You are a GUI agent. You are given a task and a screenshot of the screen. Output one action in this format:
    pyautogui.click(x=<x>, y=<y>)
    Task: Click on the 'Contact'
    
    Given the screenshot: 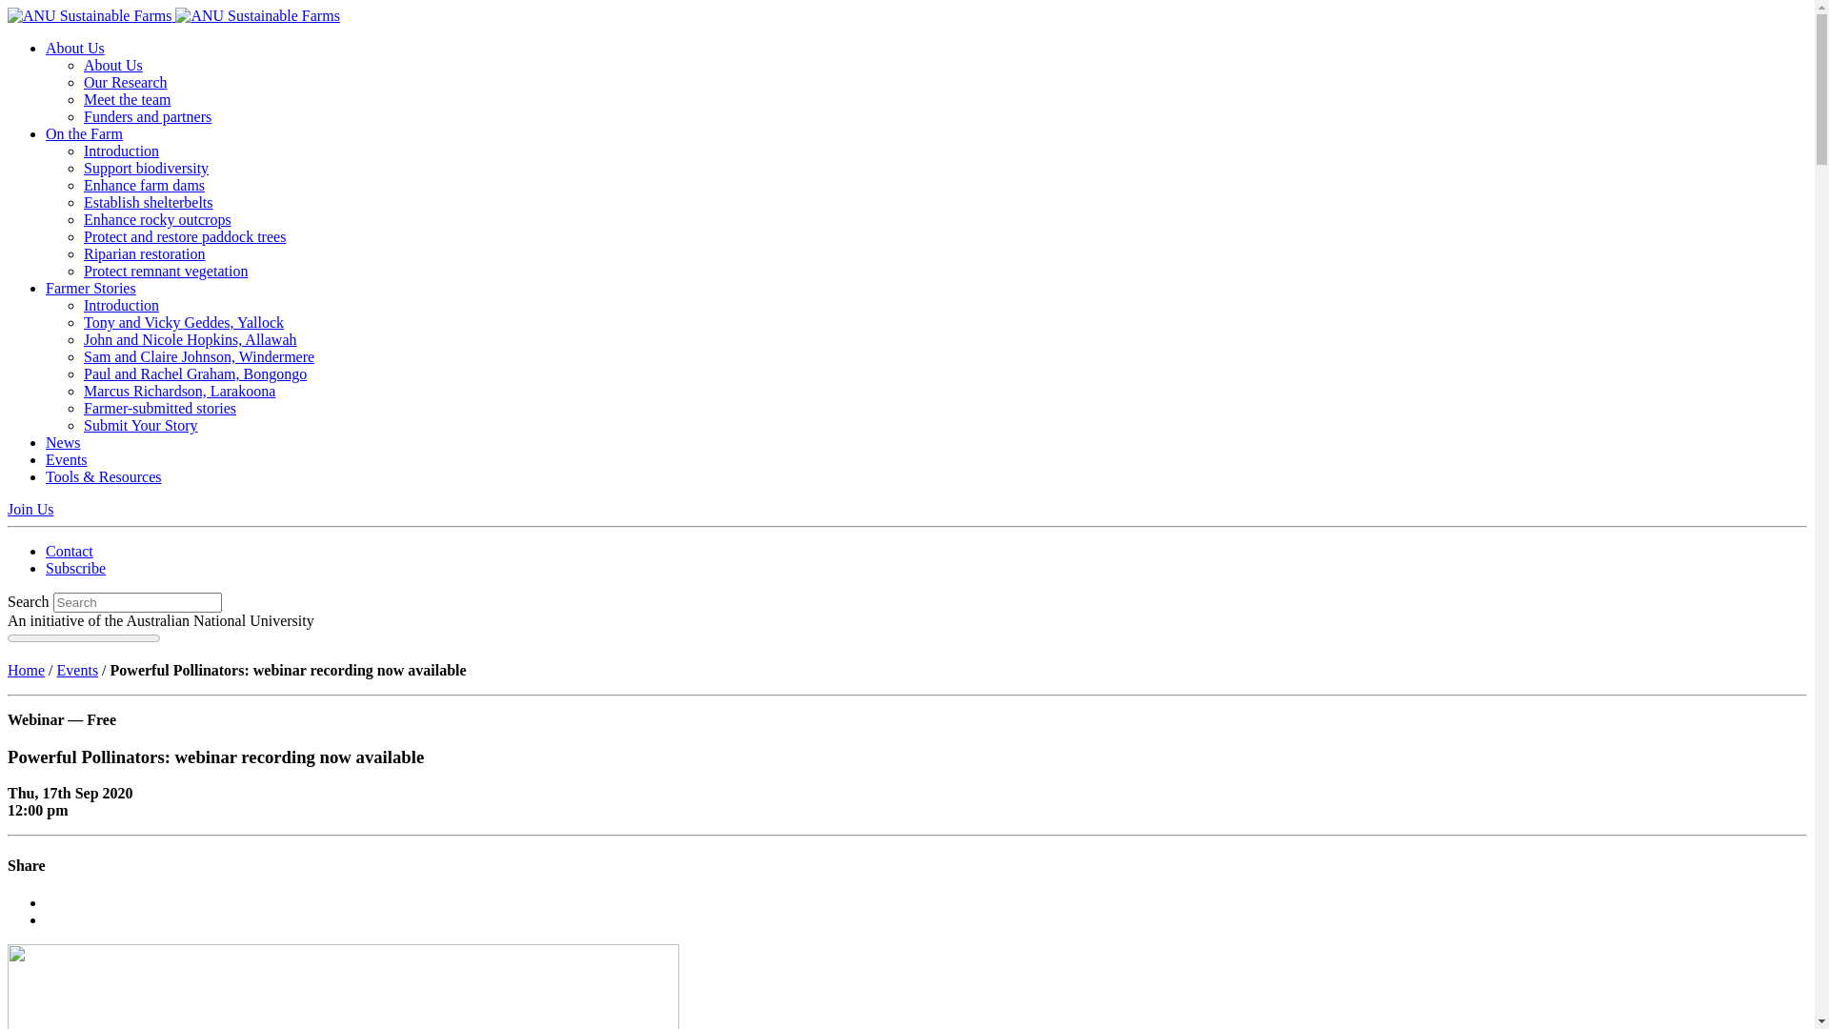 What is the action you would take?
    pyautogui.click(x=69, y=551)
    